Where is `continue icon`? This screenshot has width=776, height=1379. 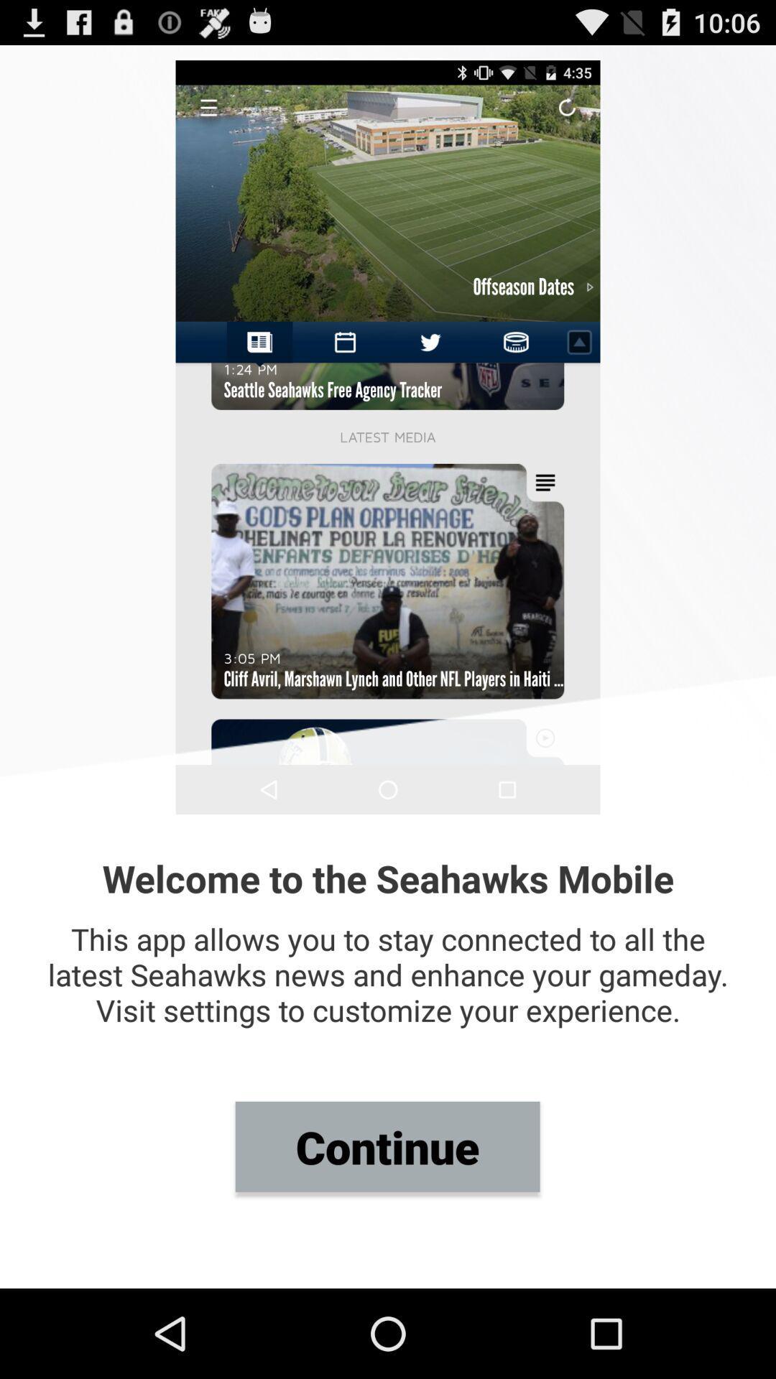
continue icon is located at coordinates (387, 1146).